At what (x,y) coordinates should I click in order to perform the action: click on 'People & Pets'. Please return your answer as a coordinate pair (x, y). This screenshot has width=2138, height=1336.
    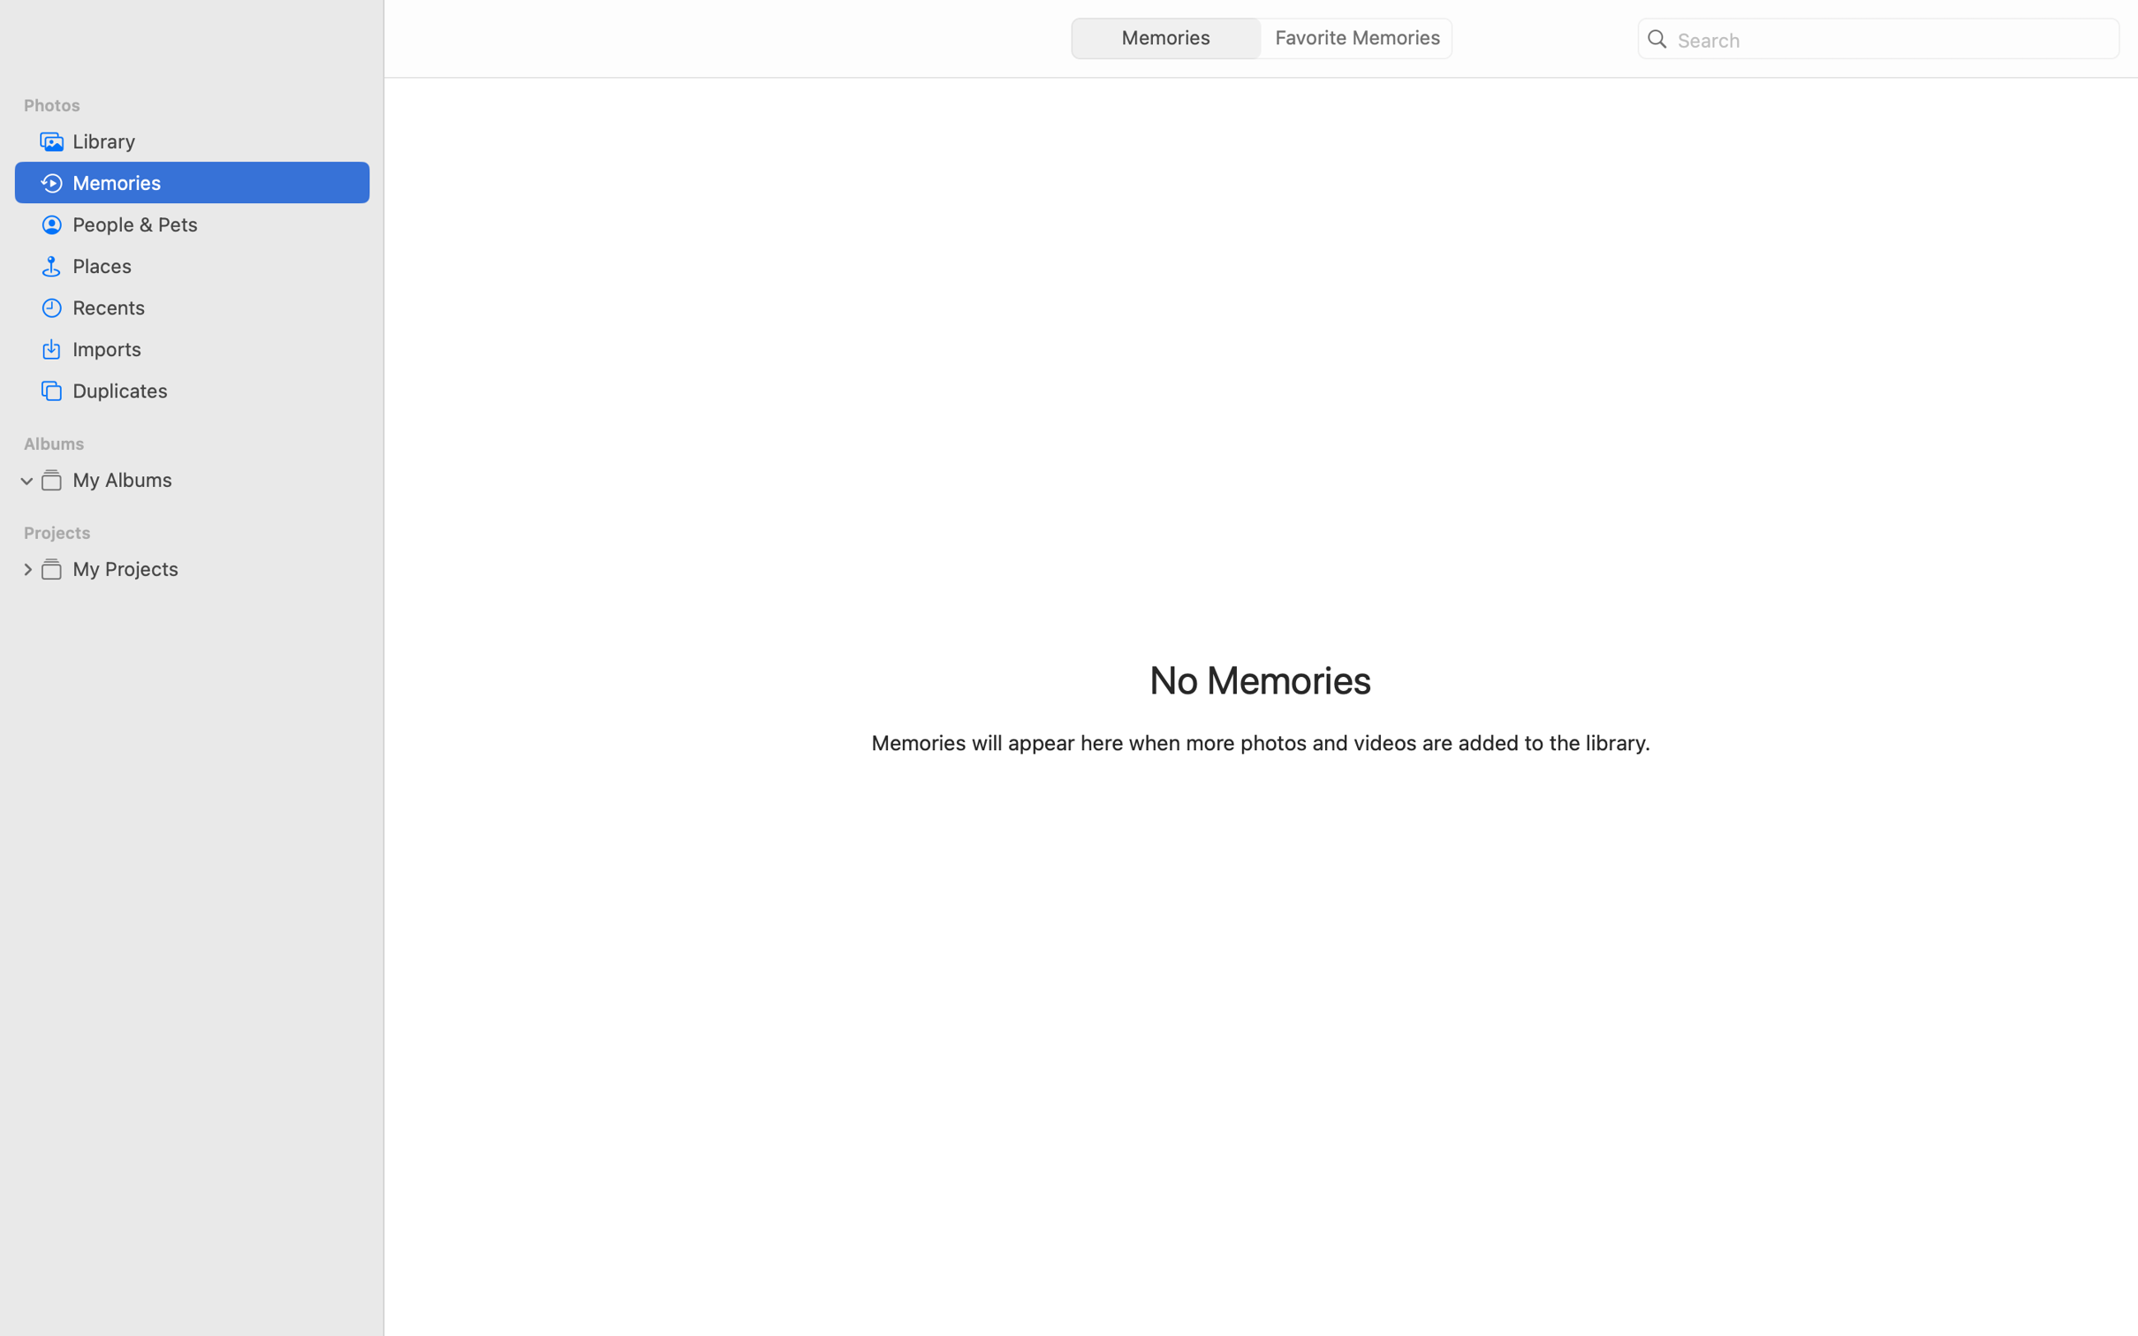
    Looking at the image, I should click on (216, 224).